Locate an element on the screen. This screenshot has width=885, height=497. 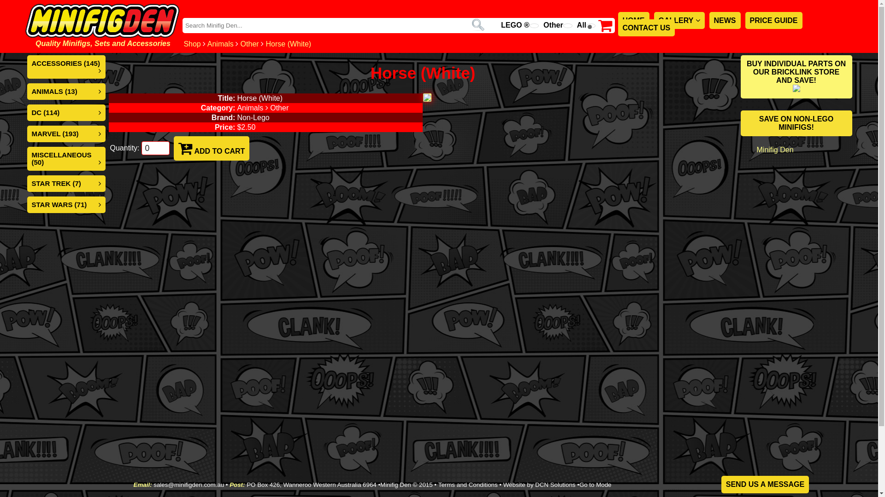
'SEND US A MESSAGE' is located at coordinates (765, 484).